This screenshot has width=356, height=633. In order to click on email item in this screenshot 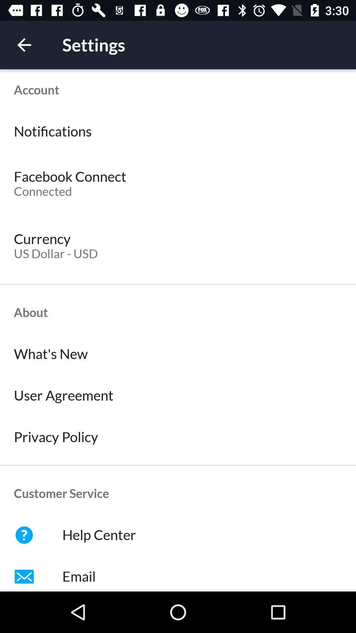, I will do `click(178, 573)`.